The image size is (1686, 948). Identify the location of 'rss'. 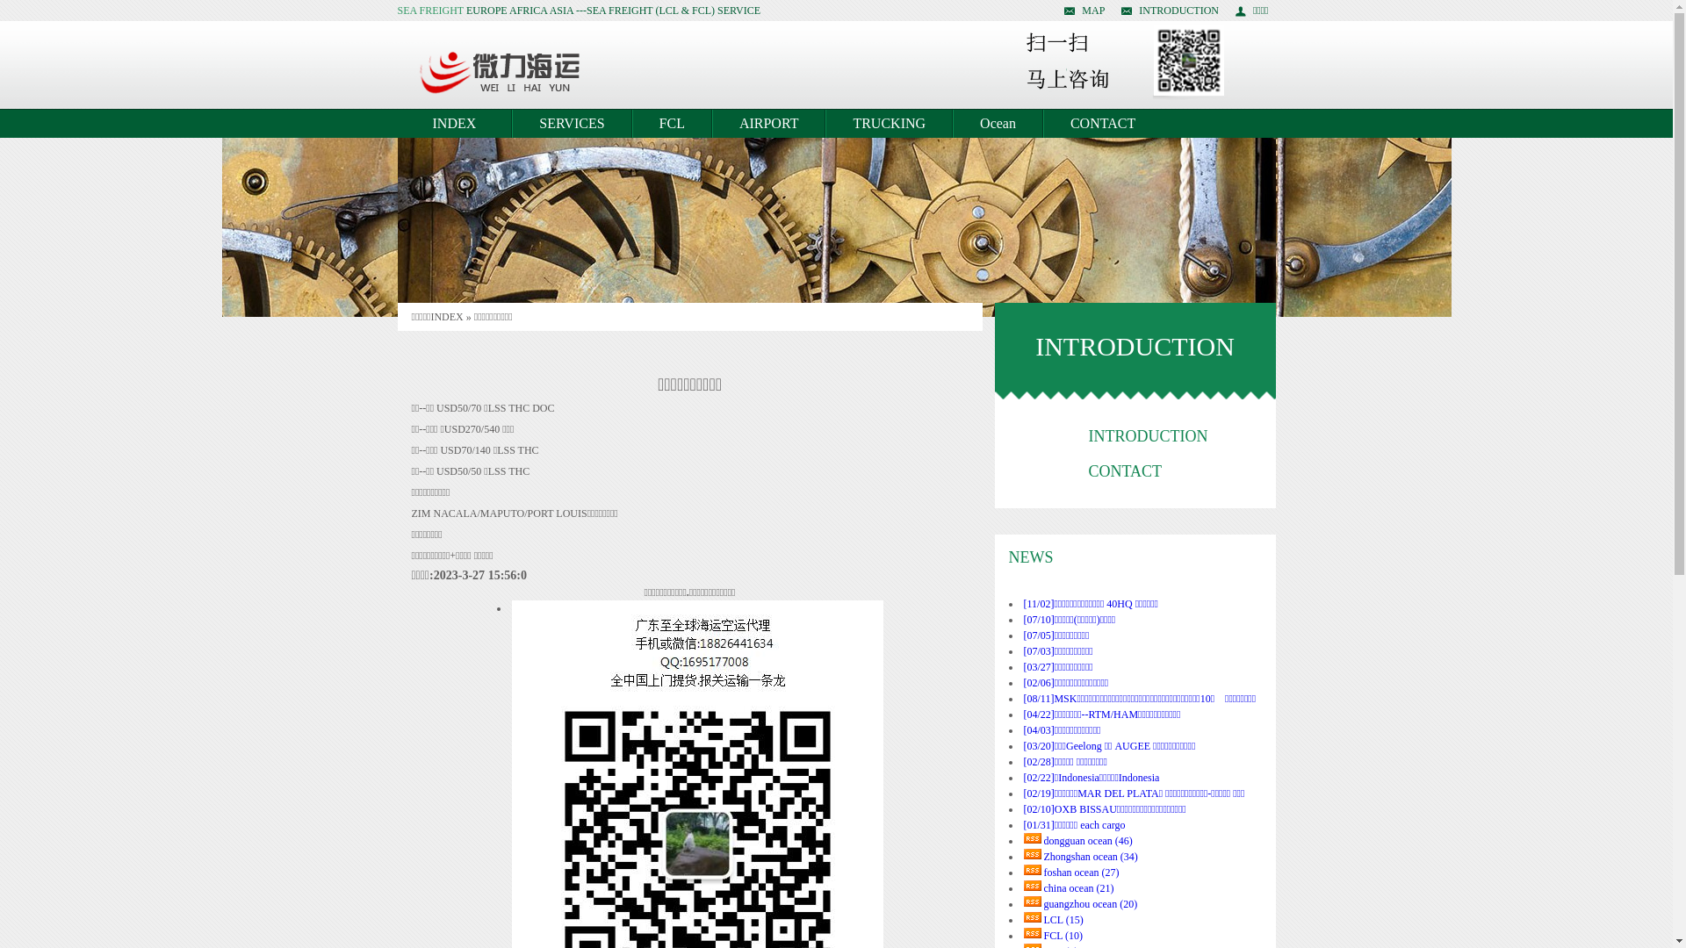
(1033, 837).